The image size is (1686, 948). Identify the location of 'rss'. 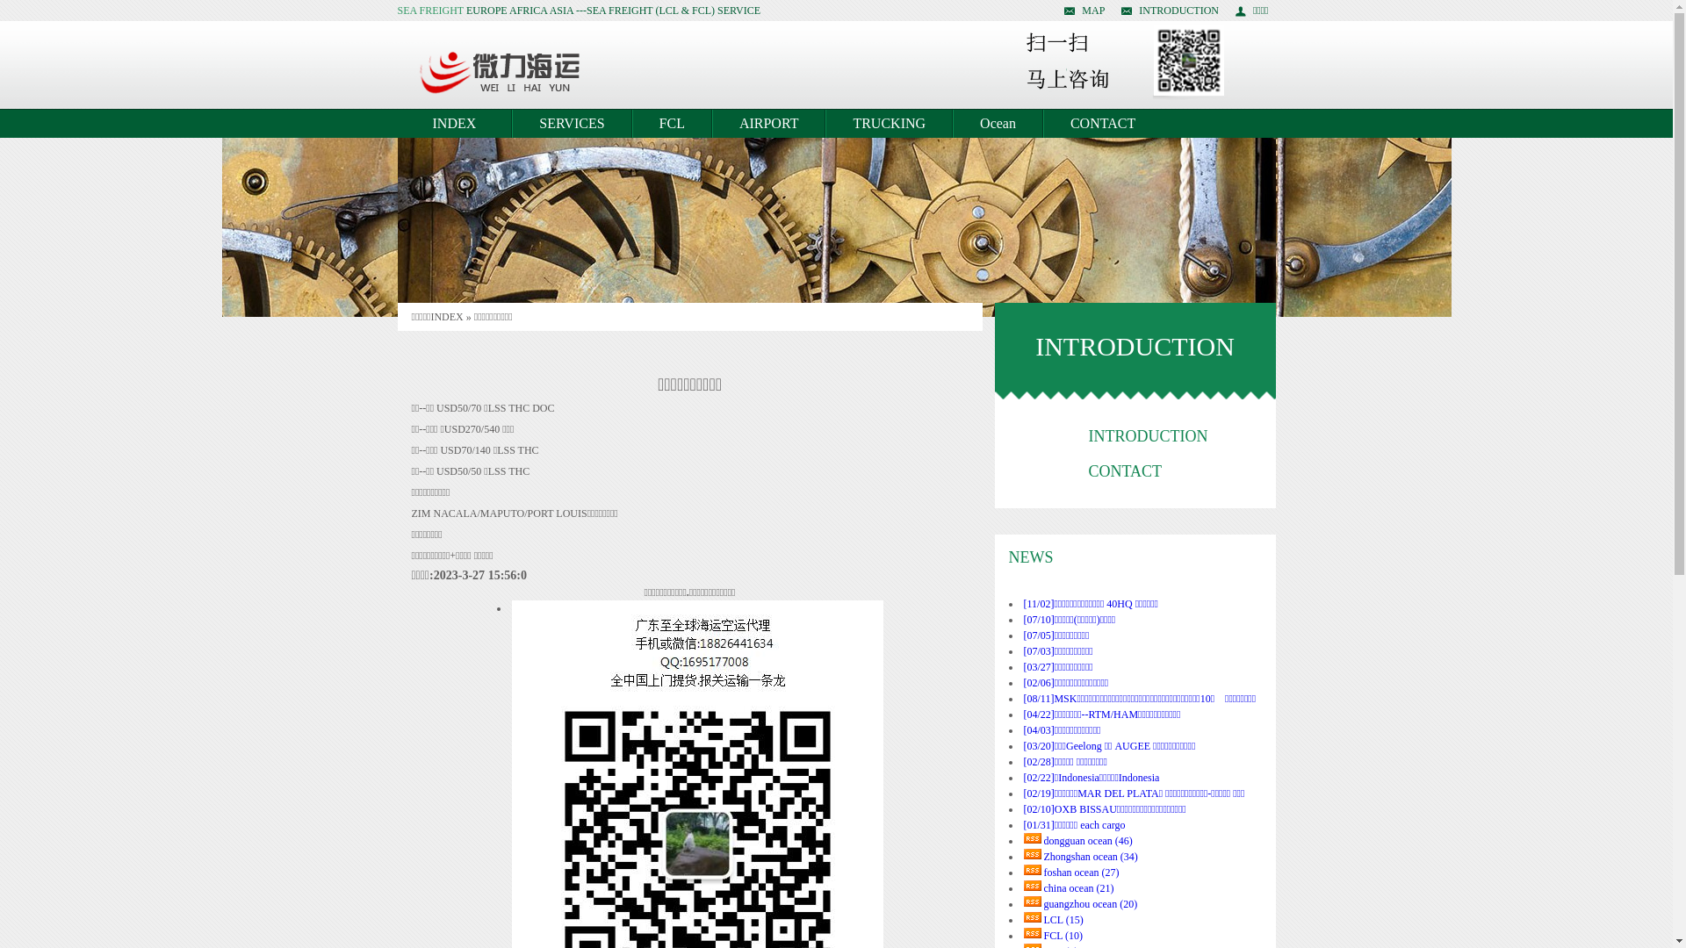
(1033, 837).